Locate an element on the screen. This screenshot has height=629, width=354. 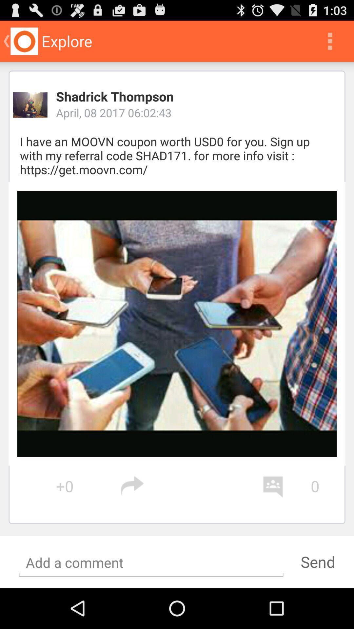
the image beside shadrick thompson is located at coordinates (30, 105).